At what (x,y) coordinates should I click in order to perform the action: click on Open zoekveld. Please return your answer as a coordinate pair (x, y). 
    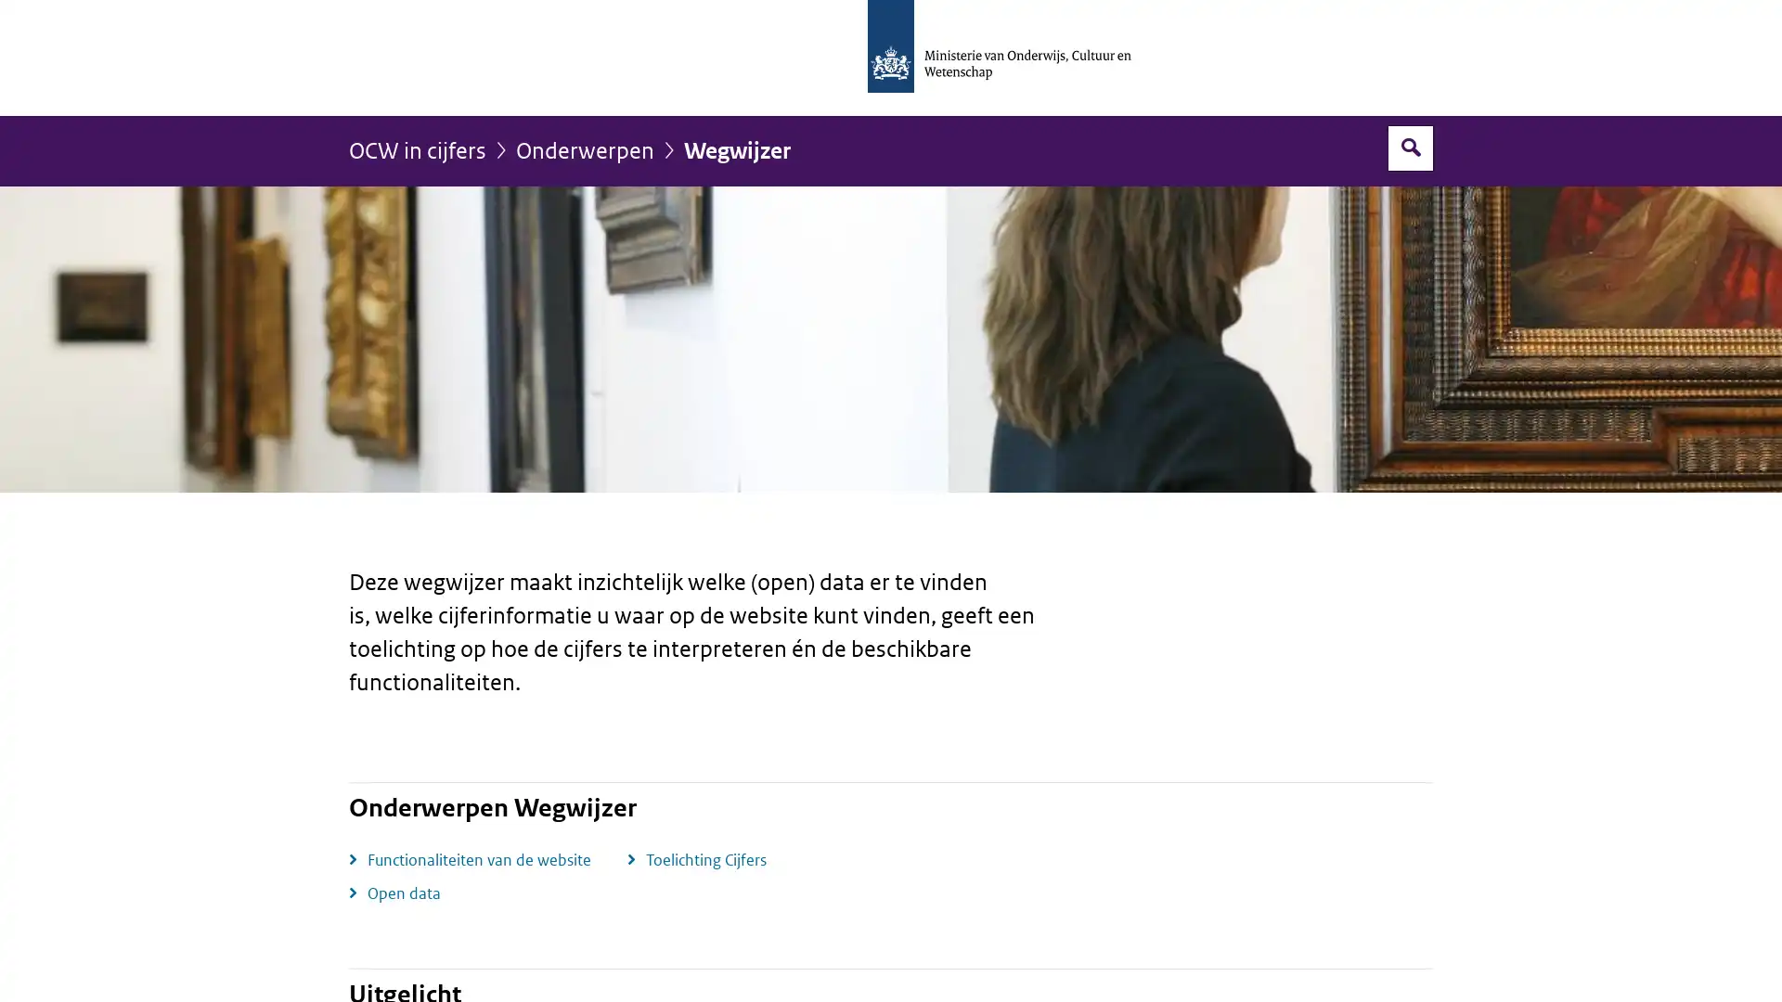
    Looking at the image, I should click on (1411, 147).